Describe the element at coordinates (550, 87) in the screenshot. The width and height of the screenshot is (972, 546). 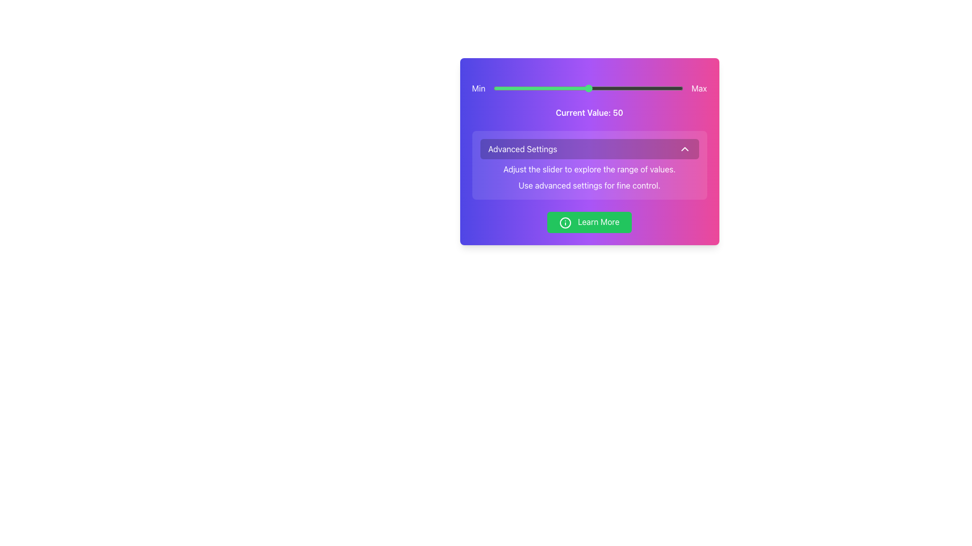
I see `the value of the slider` at that location.